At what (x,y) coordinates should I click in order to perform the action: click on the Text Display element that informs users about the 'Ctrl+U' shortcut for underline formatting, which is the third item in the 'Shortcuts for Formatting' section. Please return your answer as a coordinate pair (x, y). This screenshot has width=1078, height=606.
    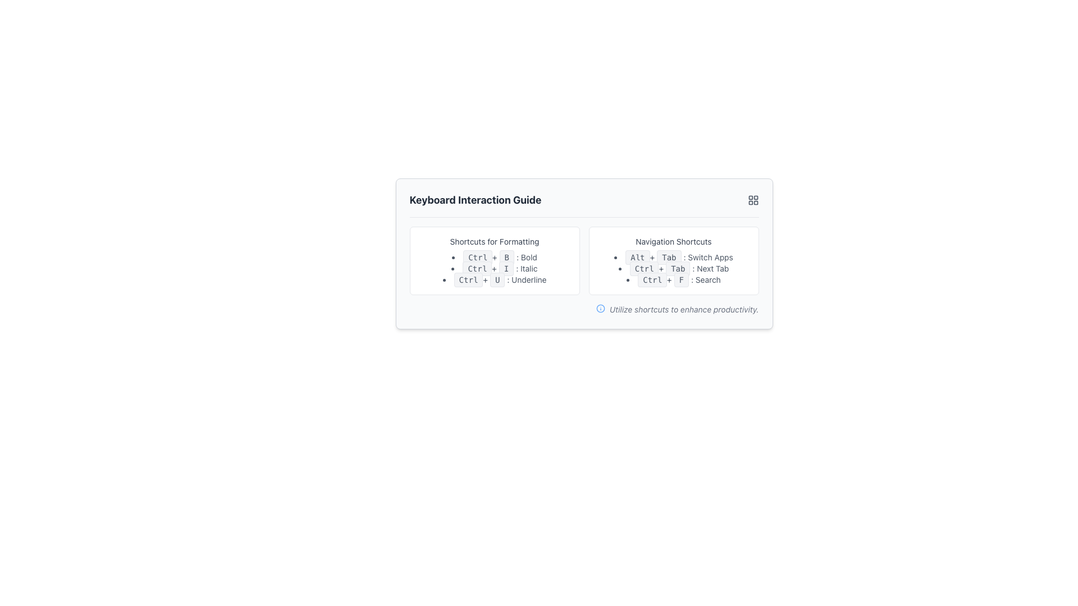
    Looking at the image, I should click on (494, 279).